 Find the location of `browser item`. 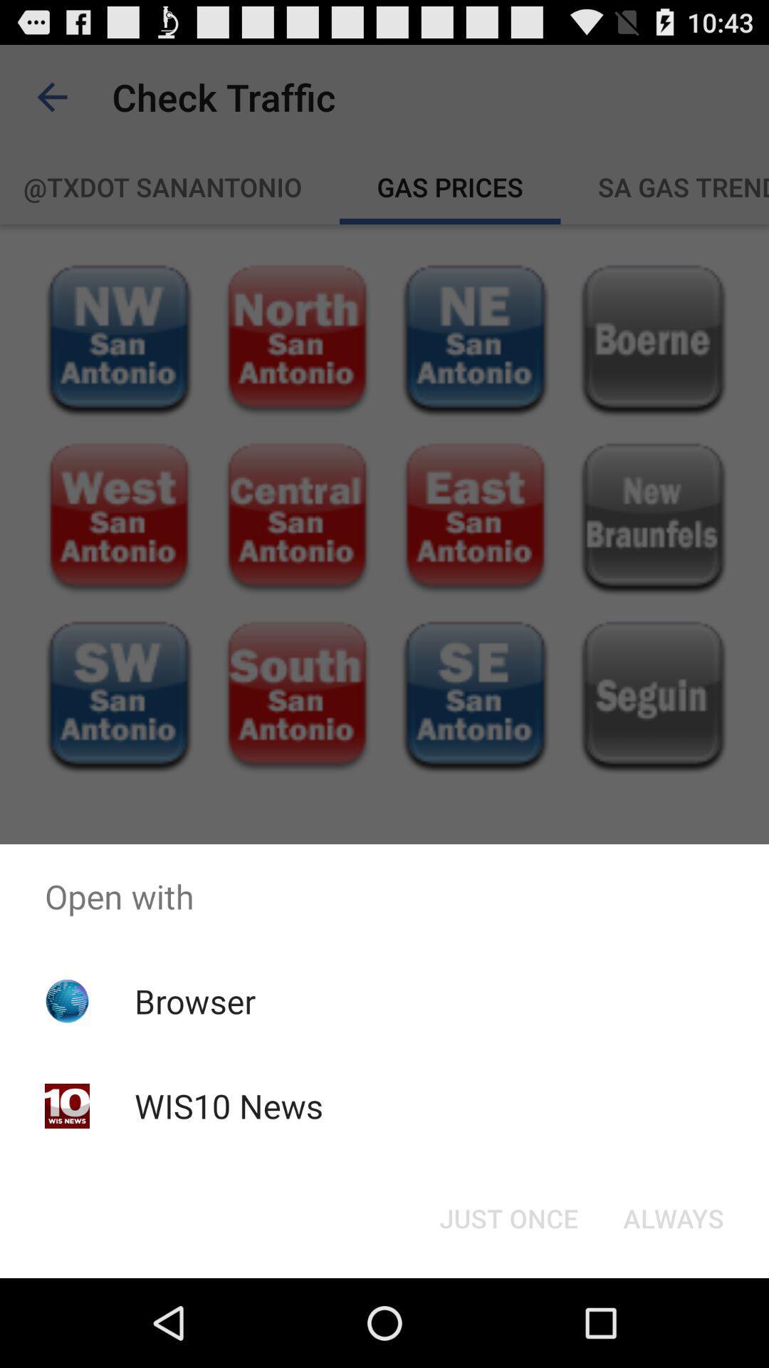

browser item is located at coordinates (195, 1000).